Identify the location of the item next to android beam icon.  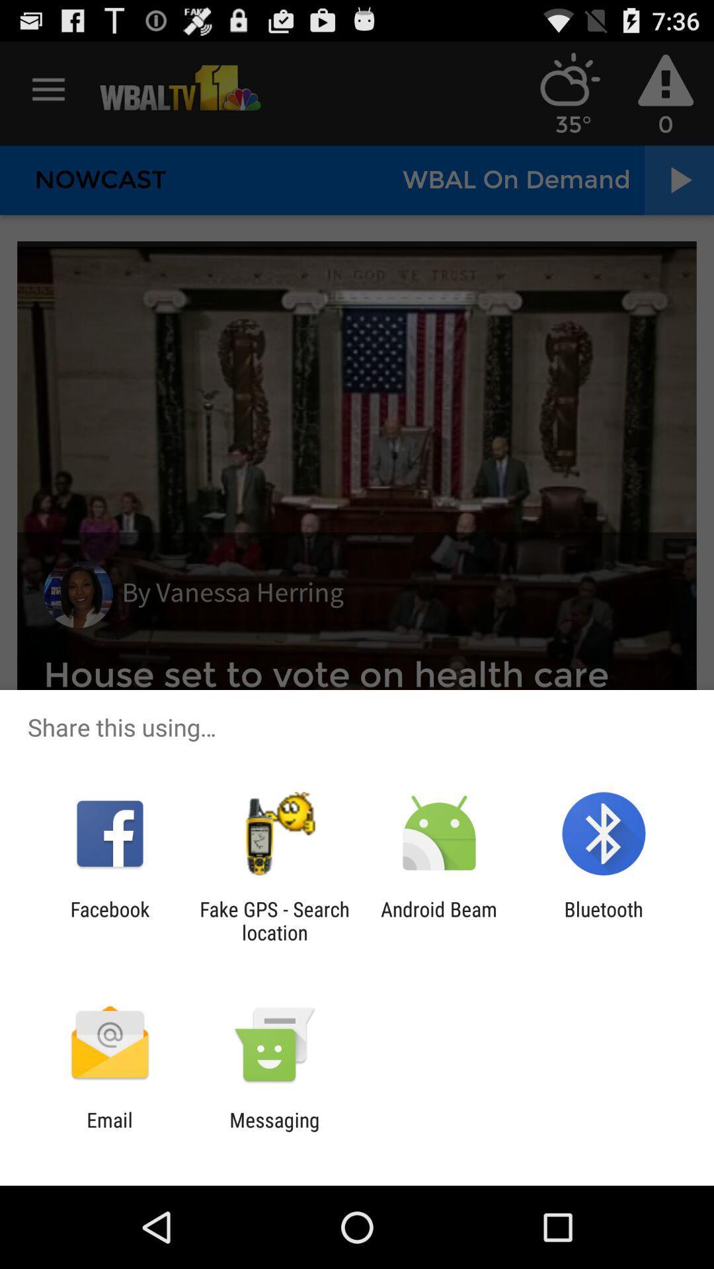
(604, 920).